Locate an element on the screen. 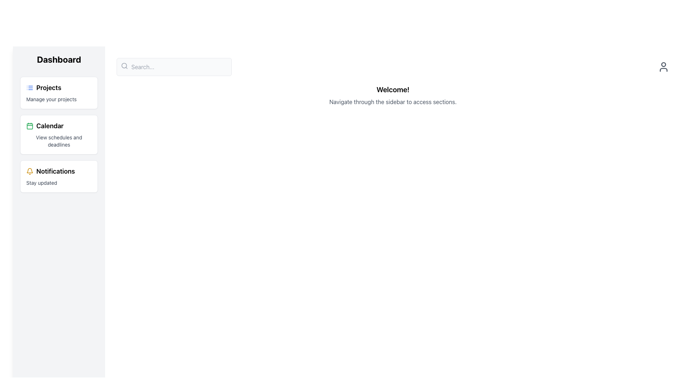 This screenshot has width=691, height=389. the Text Label that serves as a header for the sidebar, indicating the current section of the interface is located at coordinates (59, 59).